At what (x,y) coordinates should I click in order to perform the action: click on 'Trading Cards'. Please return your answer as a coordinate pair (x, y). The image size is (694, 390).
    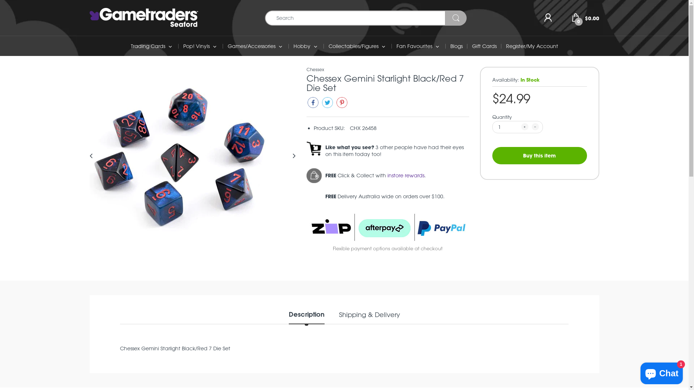
    Looking at the image, I should click on (147, 46).